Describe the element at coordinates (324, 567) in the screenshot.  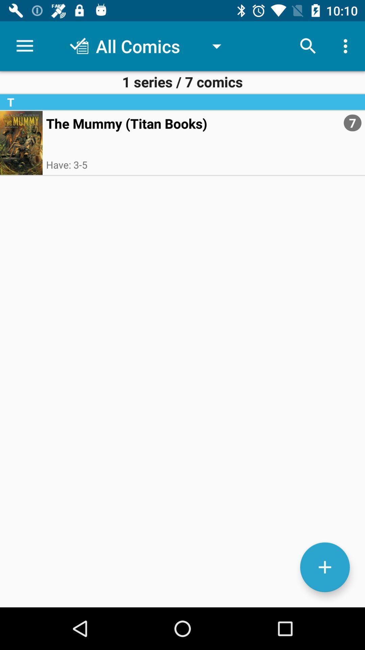
I see `the bottom right corner icon` at that location.